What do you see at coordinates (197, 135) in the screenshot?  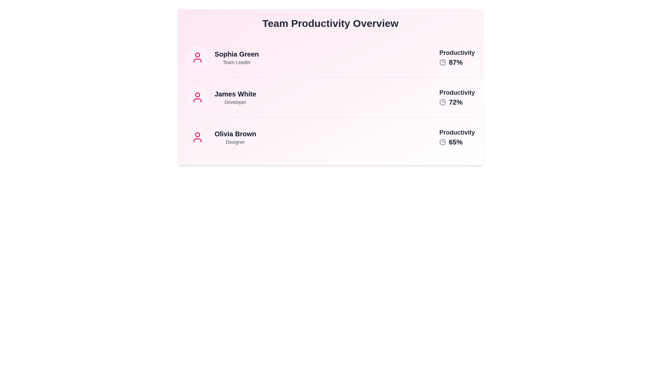 I see `the Circle (SVG element) that represents the user profile icon for Olivia Brown, located near the center of the circular icon on the left side of the third row` at bounding box center [197, 135].